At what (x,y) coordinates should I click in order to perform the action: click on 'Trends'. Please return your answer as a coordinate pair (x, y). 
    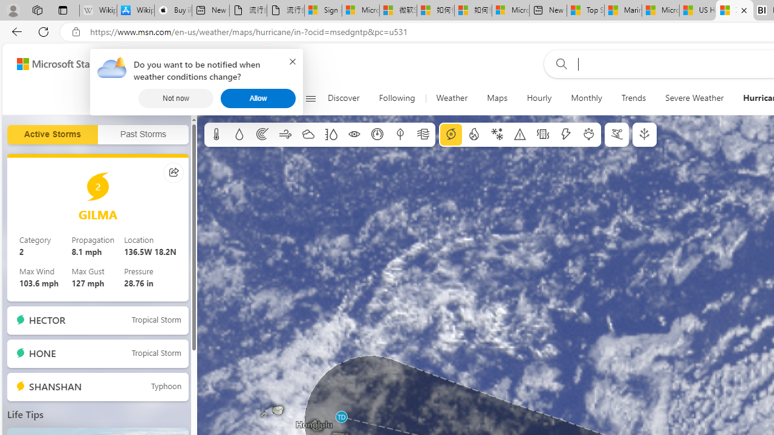
    Looking at the image, I should click on (633, 98).